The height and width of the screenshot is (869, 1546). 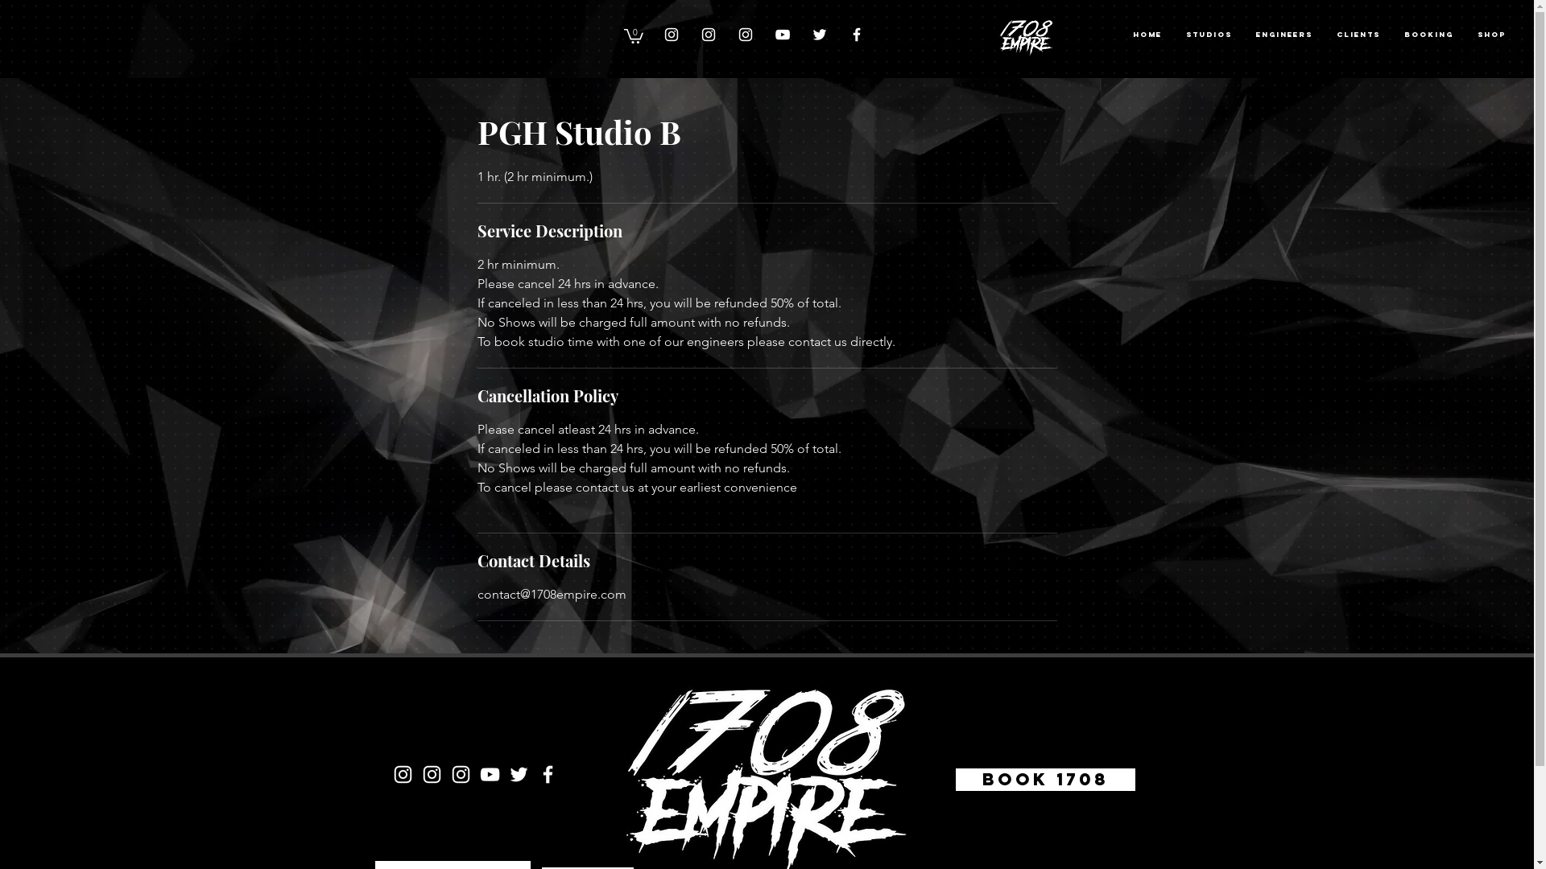 What do you see at coordinates (1044, 778) in the screenshot?
I see `'Book 1708'` at bounding box center [1044, 778].